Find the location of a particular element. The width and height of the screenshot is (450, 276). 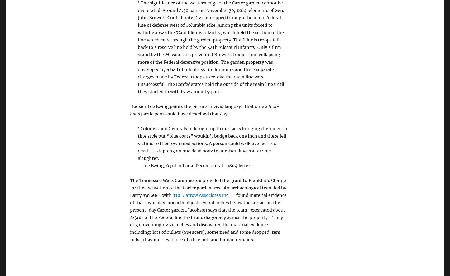

'Tennessee Wars Commission' is located at coordinates (139, 180).